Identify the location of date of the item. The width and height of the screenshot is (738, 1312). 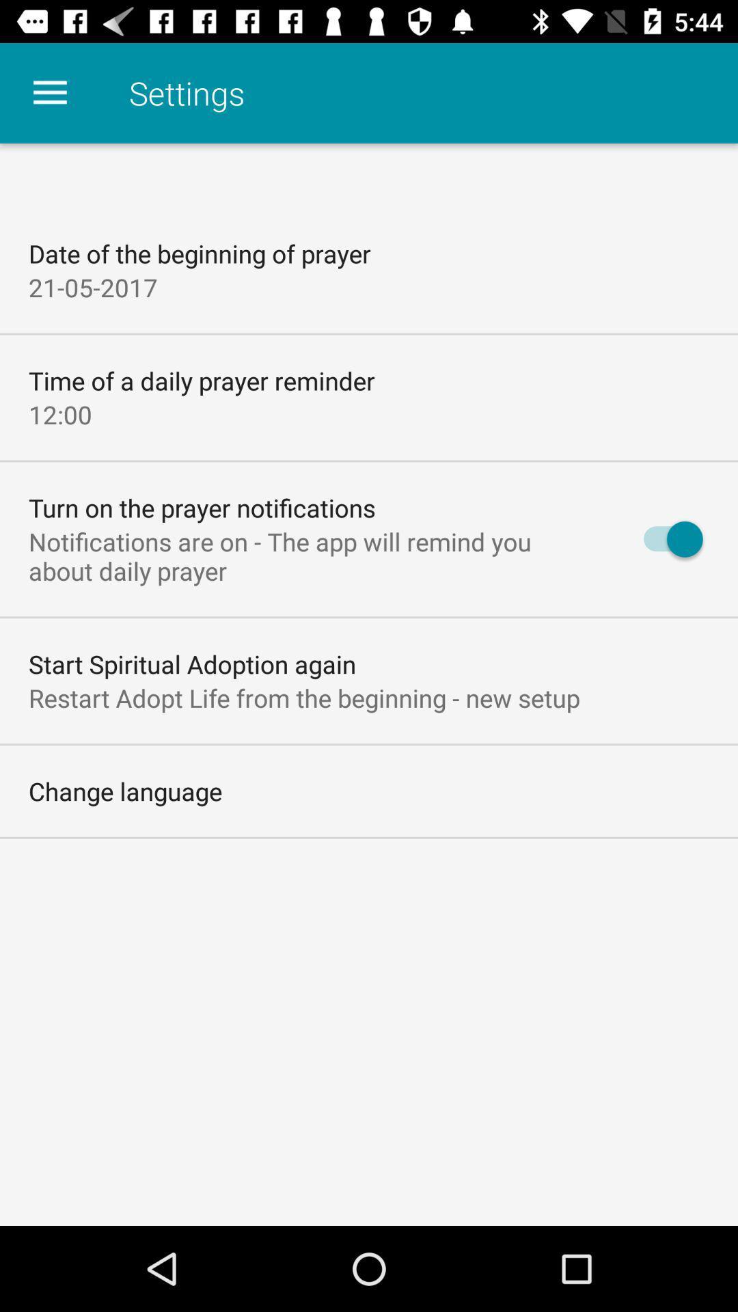
(200, 254).